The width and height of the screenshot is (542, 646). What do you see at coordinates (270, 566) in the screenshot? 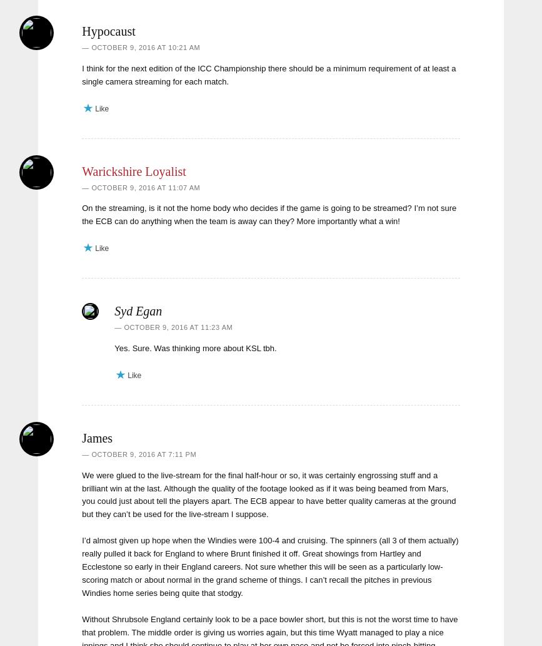
I see `'I’d almost given up hope when the Windies were 100-4 and cruising. The spinners (all 3 of them actually) really pulled it back for England to where Brunt finished it off. Great showings from Hartley and Ecclestone so early in their England careers. Not sure whether this will be seen as a particularly low-scoring match or about normal in the grand scheme of things. I can’t recall the pitches in previous Windies home series being quite that stodgy.'` at bounding box center [270, 566].